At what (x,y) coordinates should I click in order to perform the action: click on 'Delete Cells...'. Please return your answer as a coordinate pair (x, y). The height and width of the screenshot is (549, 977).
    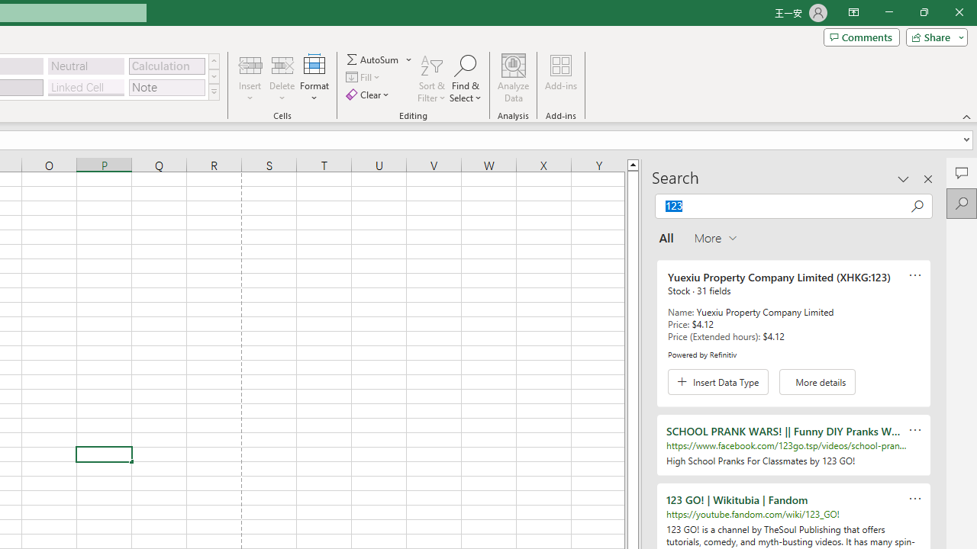
    Looking at the image, I should click on (282, 64).